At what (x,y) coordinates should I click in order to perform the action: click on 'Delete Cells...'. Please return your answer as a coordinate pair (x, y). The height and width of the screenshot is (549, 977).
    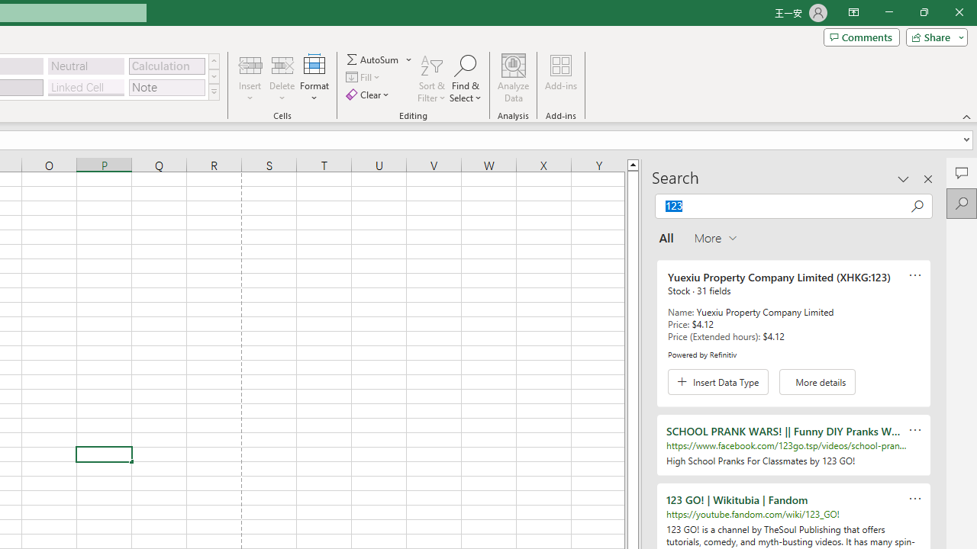
    Looking at the image, I should click on (282, 64).